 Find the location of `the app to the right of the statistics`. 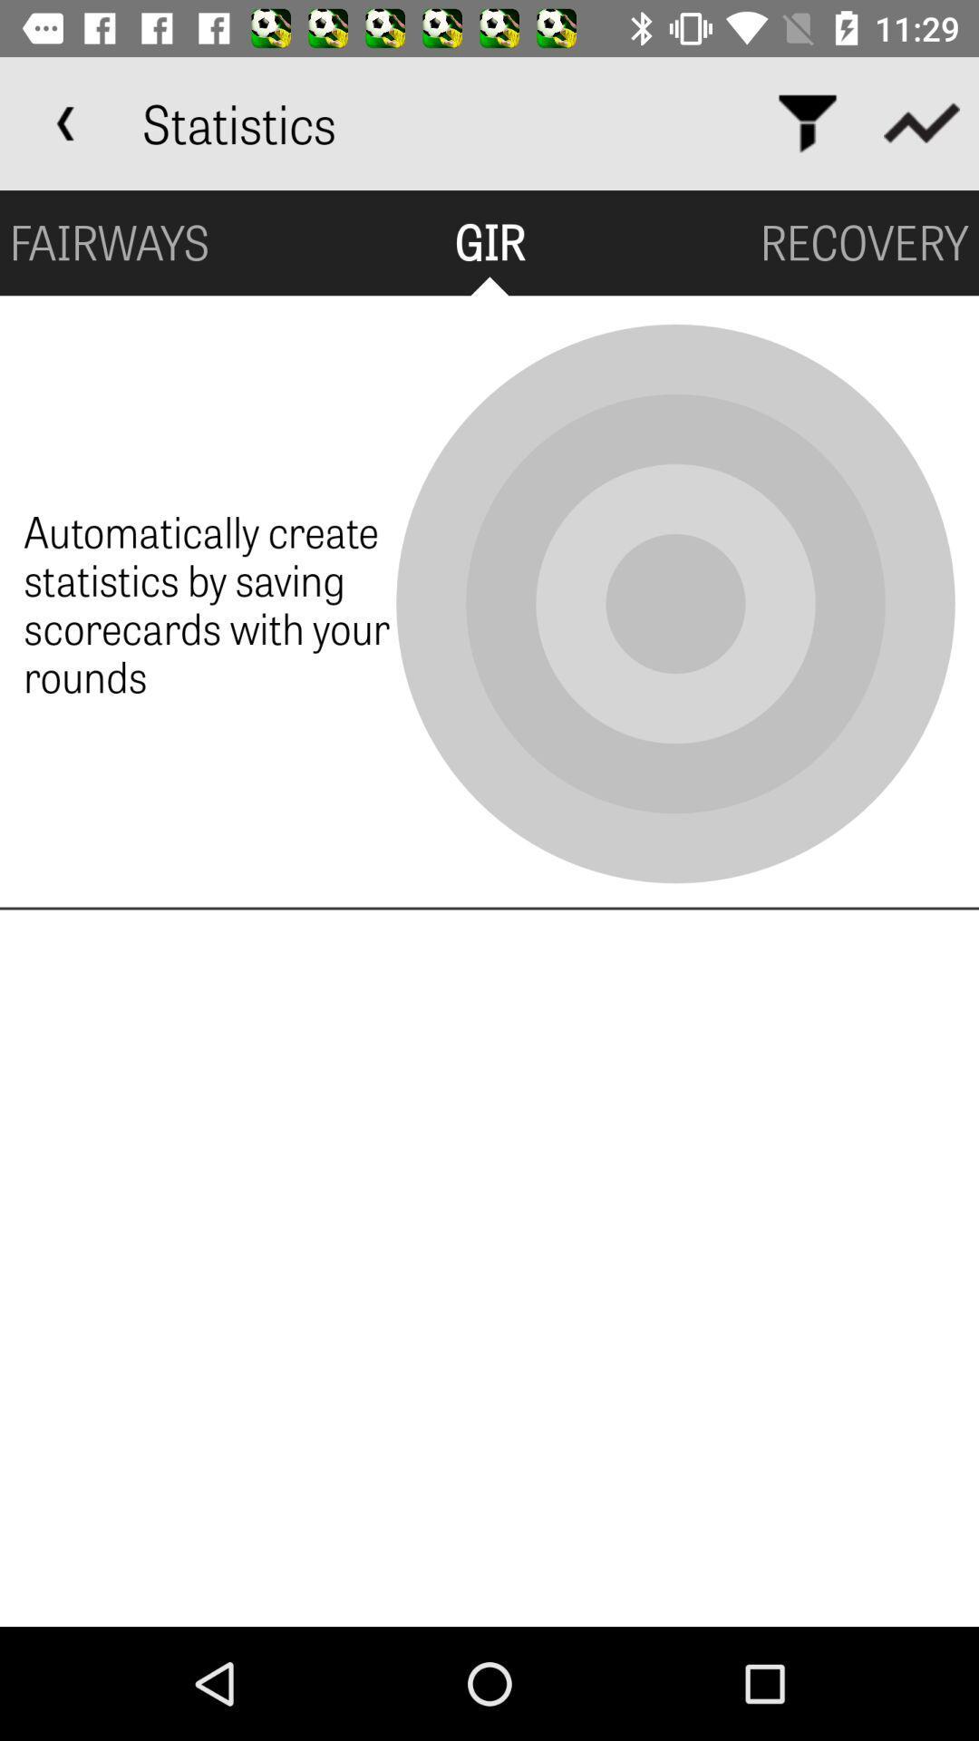

the app to the right of the statistics is located at coordinates (807, 122).